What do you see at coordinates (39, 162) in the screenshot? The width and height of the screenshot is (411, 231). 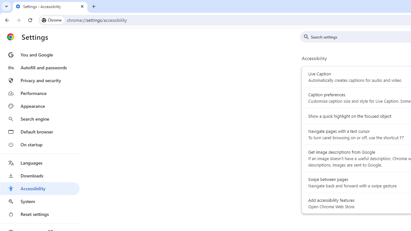 I see `'Languages'` at bounding box center [39, 162].